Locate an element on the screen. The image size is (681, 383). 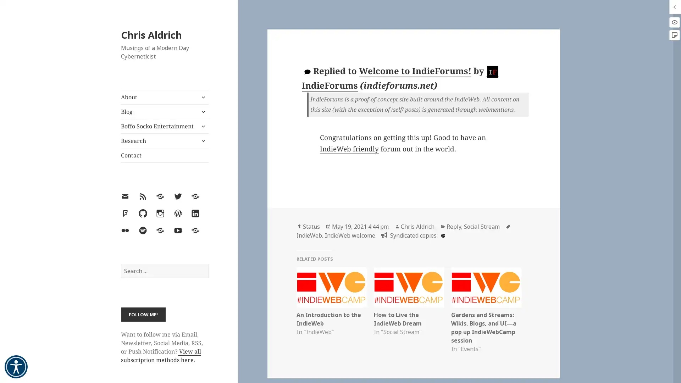
expand child menu is located at coordinates (202, 126).